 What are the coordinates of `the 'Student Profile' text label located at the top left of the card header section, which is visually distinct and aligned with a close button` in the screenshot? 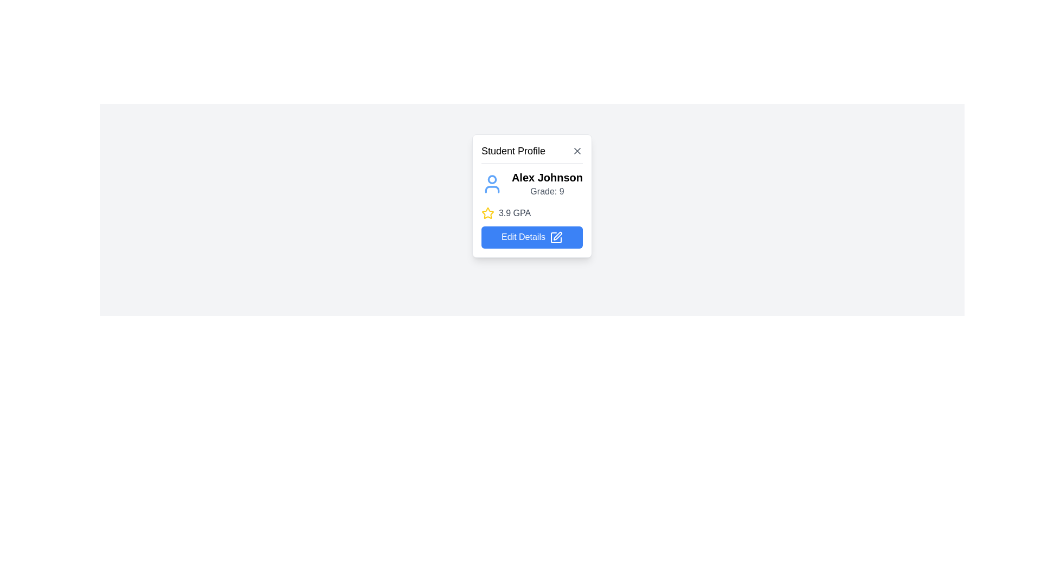 It's located at (512, 151).